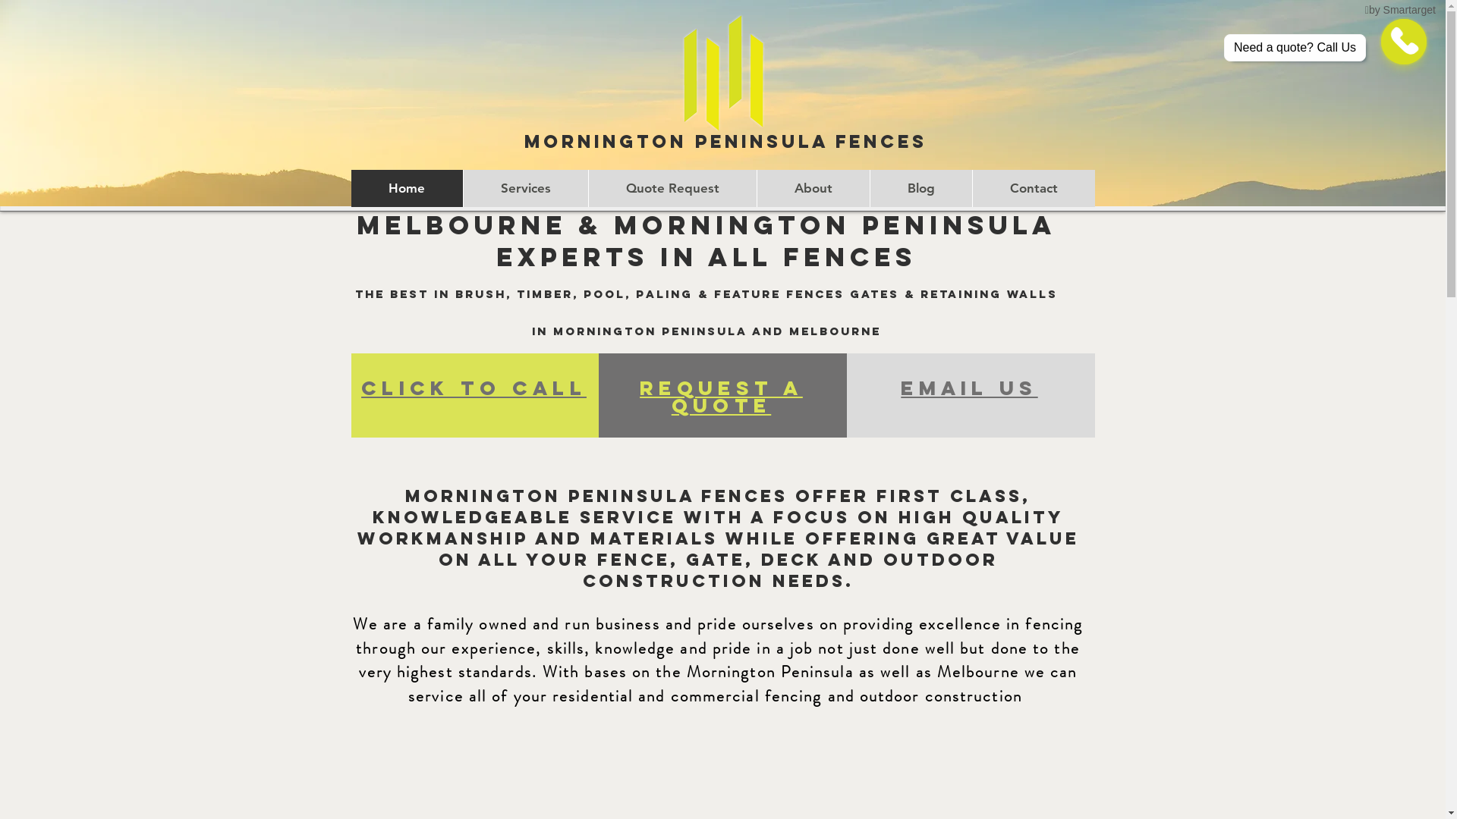 Image resolution: width=1457 pixels, height=819 pixels. Describe the element at coordinates (473, 387) in the screenshot. I see `'Click to Call'` at that location.